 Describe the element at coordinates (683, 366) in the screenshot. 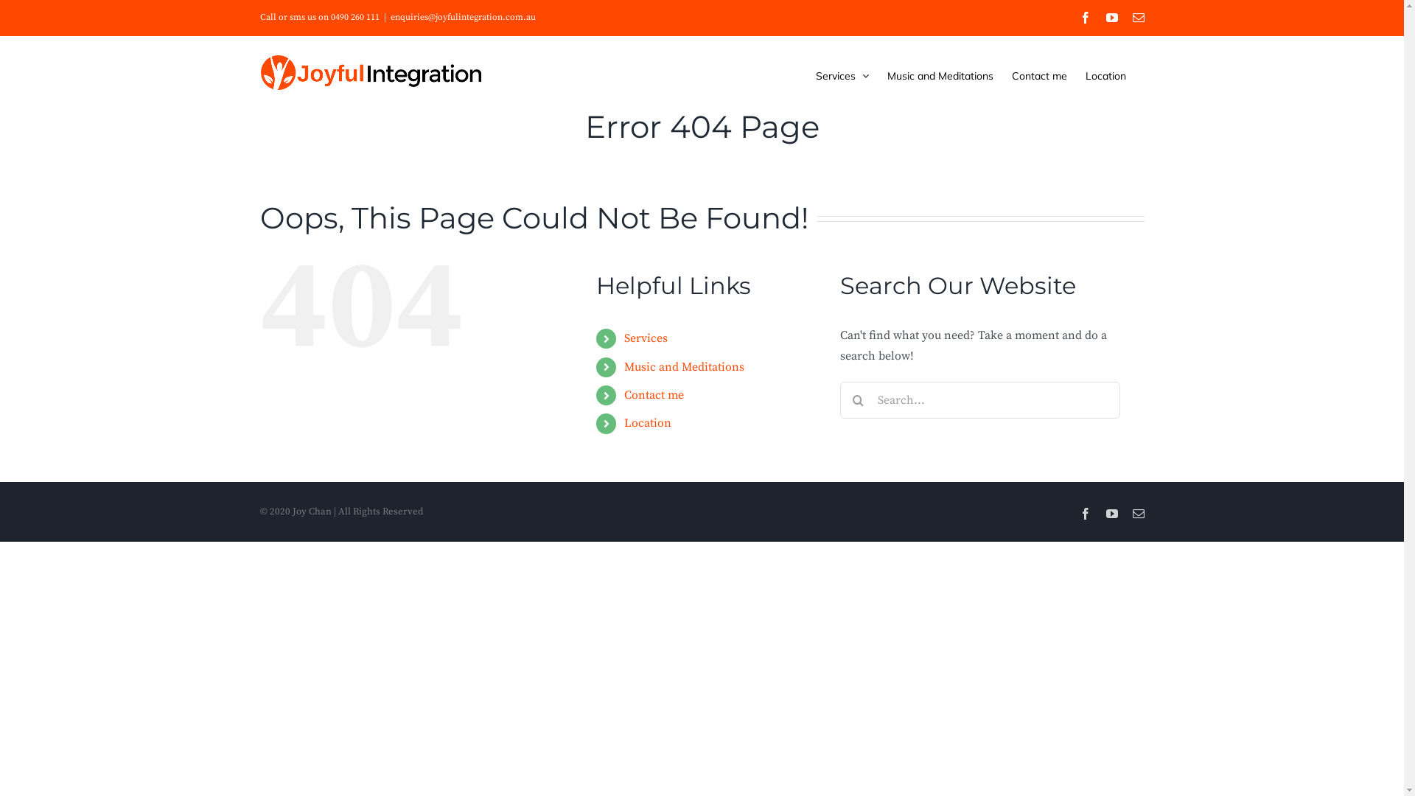

I see `'Music and Meditations'` at that location.